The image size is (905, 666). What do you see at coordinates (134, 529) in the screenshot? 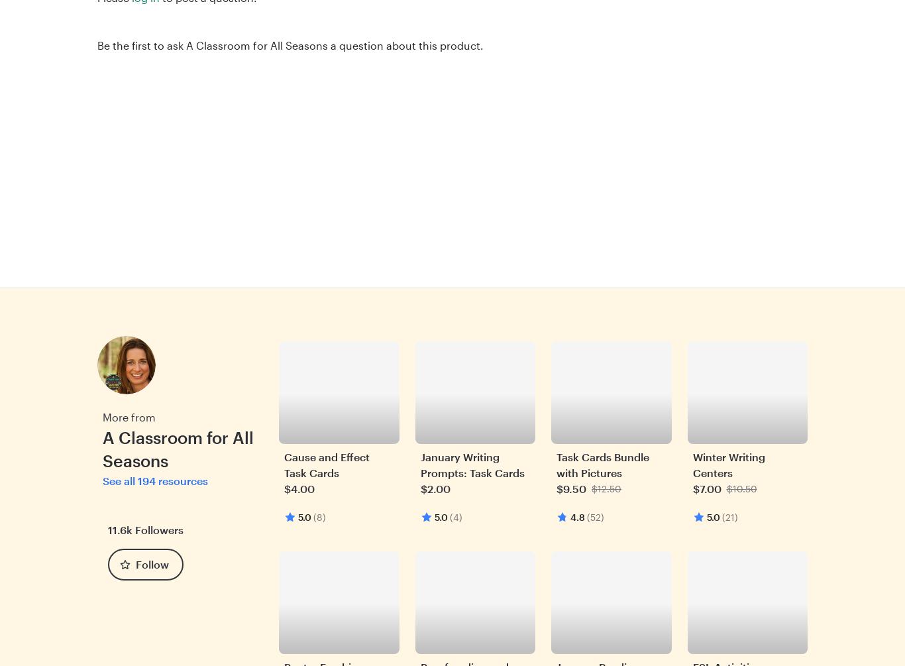
I see `'Followers'` at bounding box center [134, 529].